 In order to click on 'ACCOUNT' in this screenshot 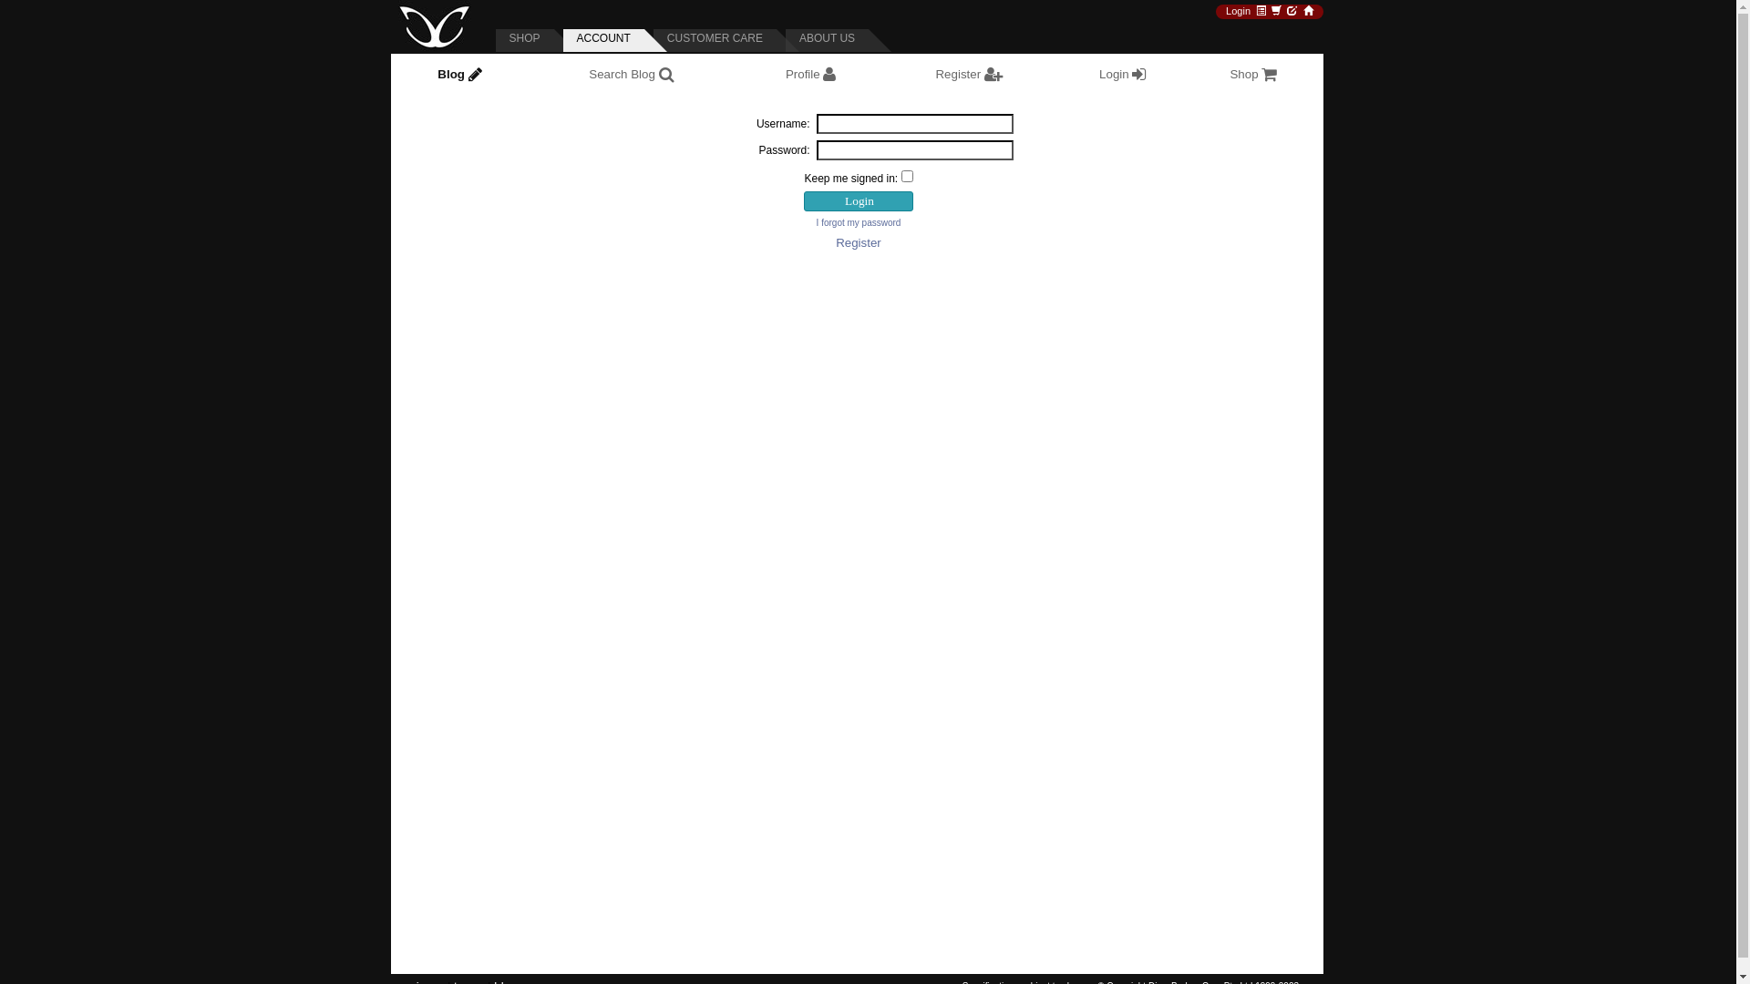, I will do `click(615, 40)`.